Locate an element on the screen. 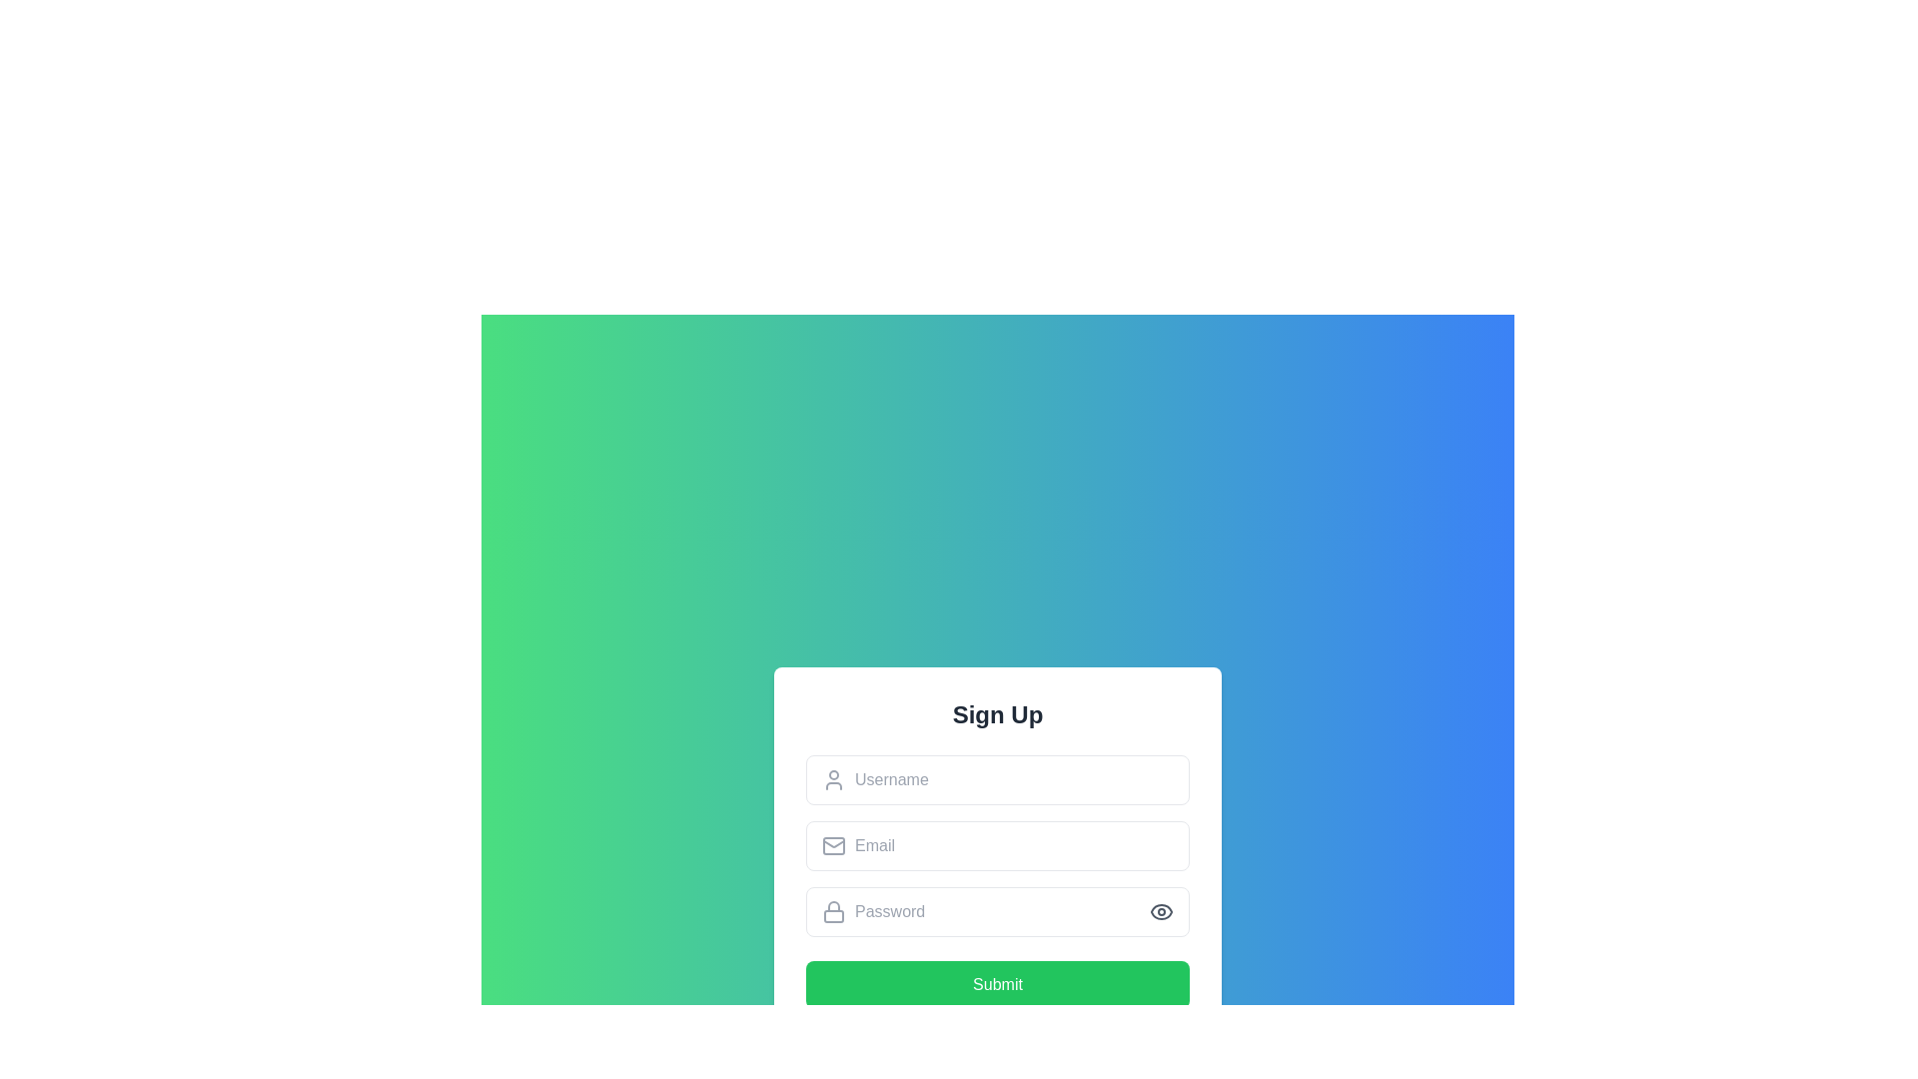  the email input icon, which indicates to the user that they should enter their email address in the associated field is located at coordinates (834, 846).